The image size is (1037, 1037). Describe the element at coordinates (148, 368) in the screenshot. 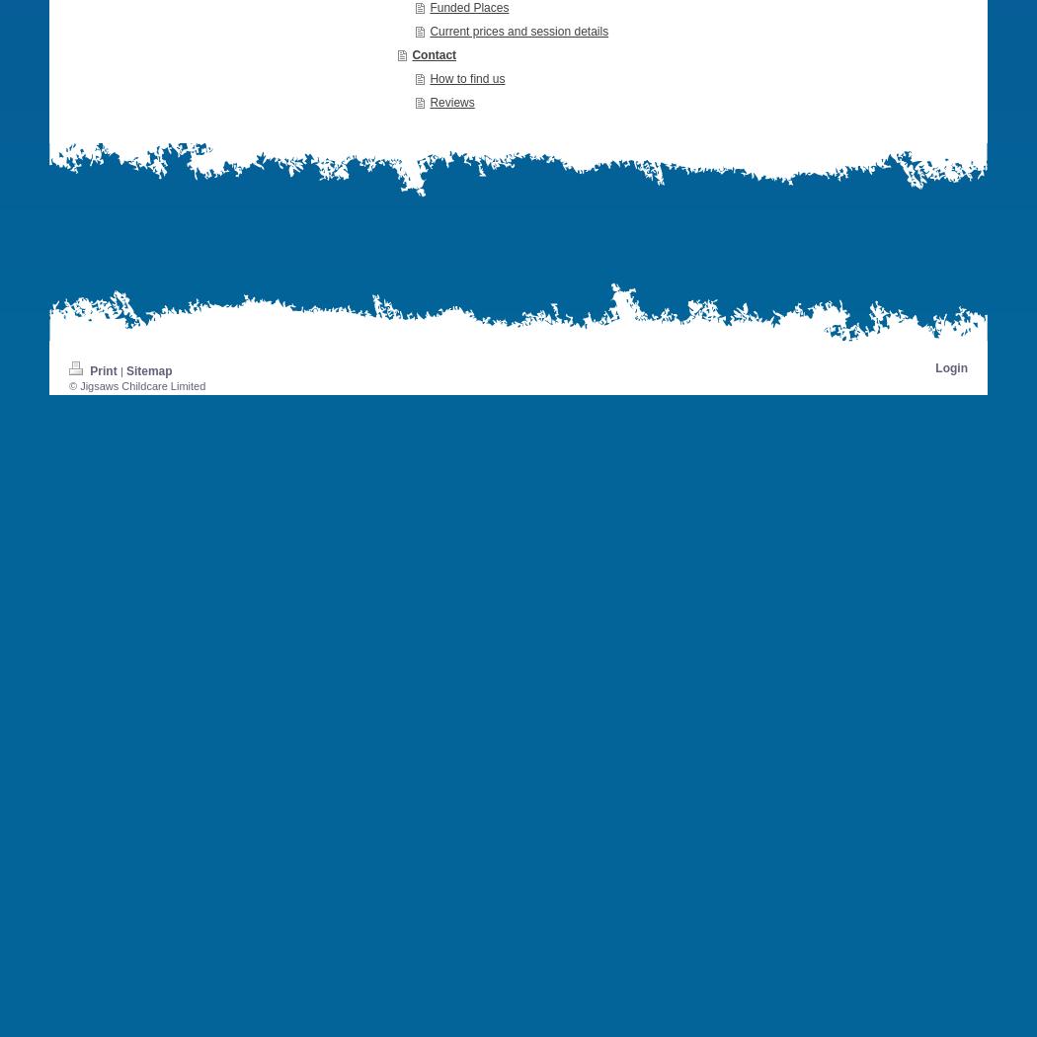

I see `'Sitemap'` at that location.